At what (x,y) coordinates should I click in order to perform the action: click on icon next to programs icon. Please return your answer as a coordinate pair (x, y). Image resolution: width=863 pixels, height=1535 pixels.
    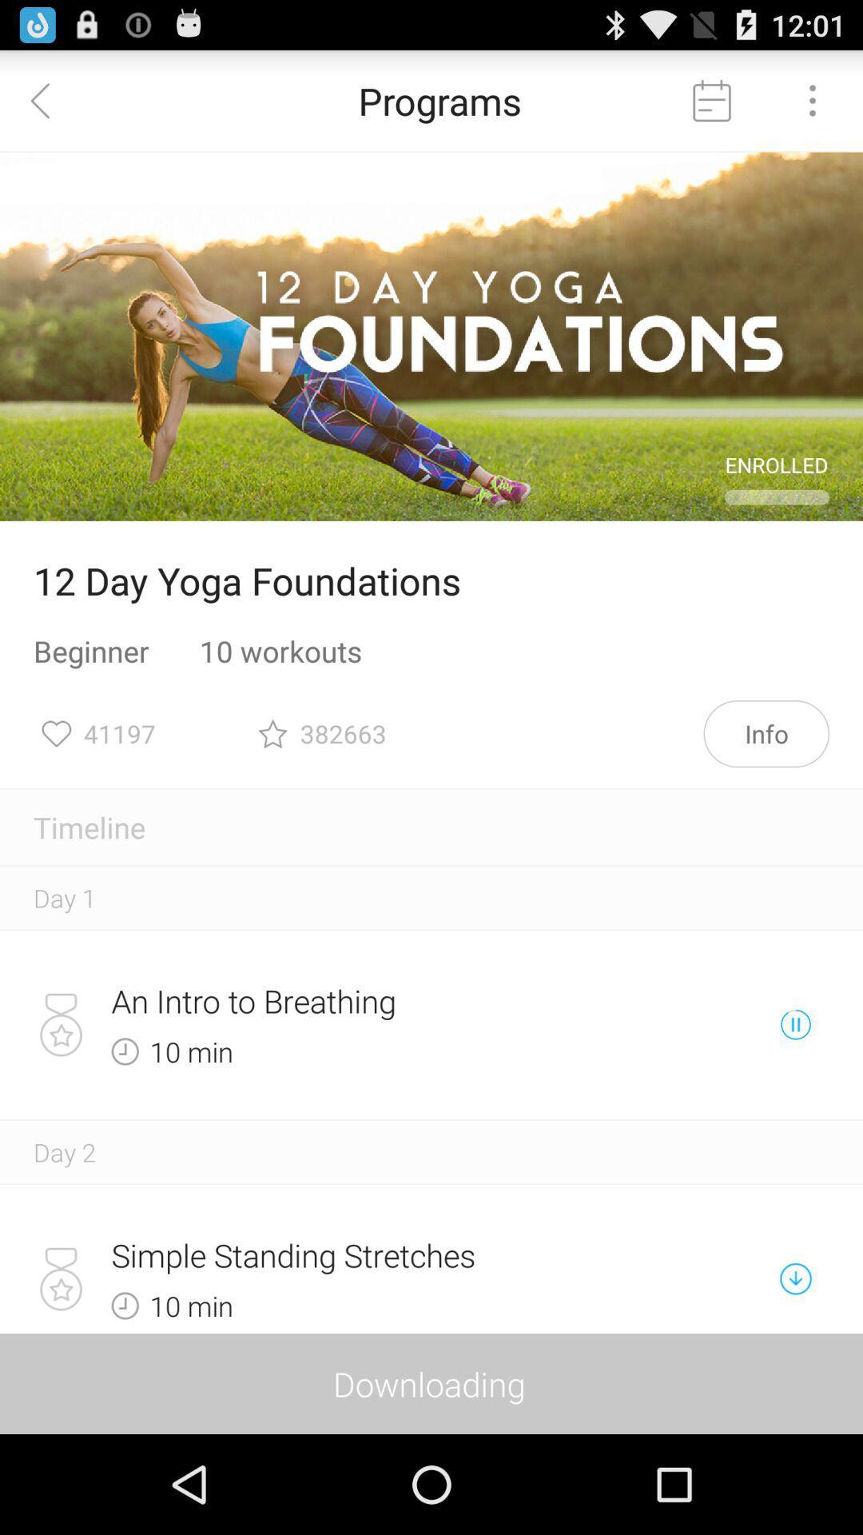
    Looking at the image, I should click on (49, 99).